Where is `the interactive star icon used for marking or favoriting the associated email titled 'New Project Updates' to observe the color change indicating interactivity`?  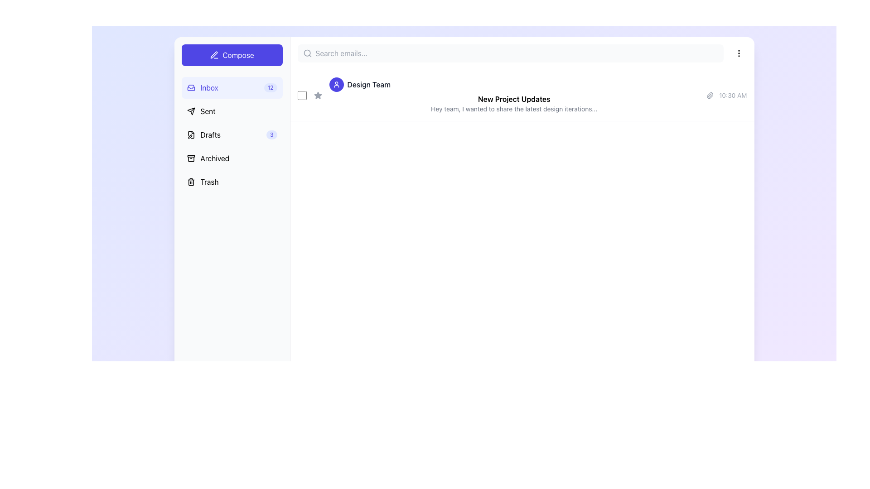 the interactive star icon used for marking or favoriting the associated email titled 'New Project Updates' to observe the color change indicating interactivity is located at coordinates (318, 96).